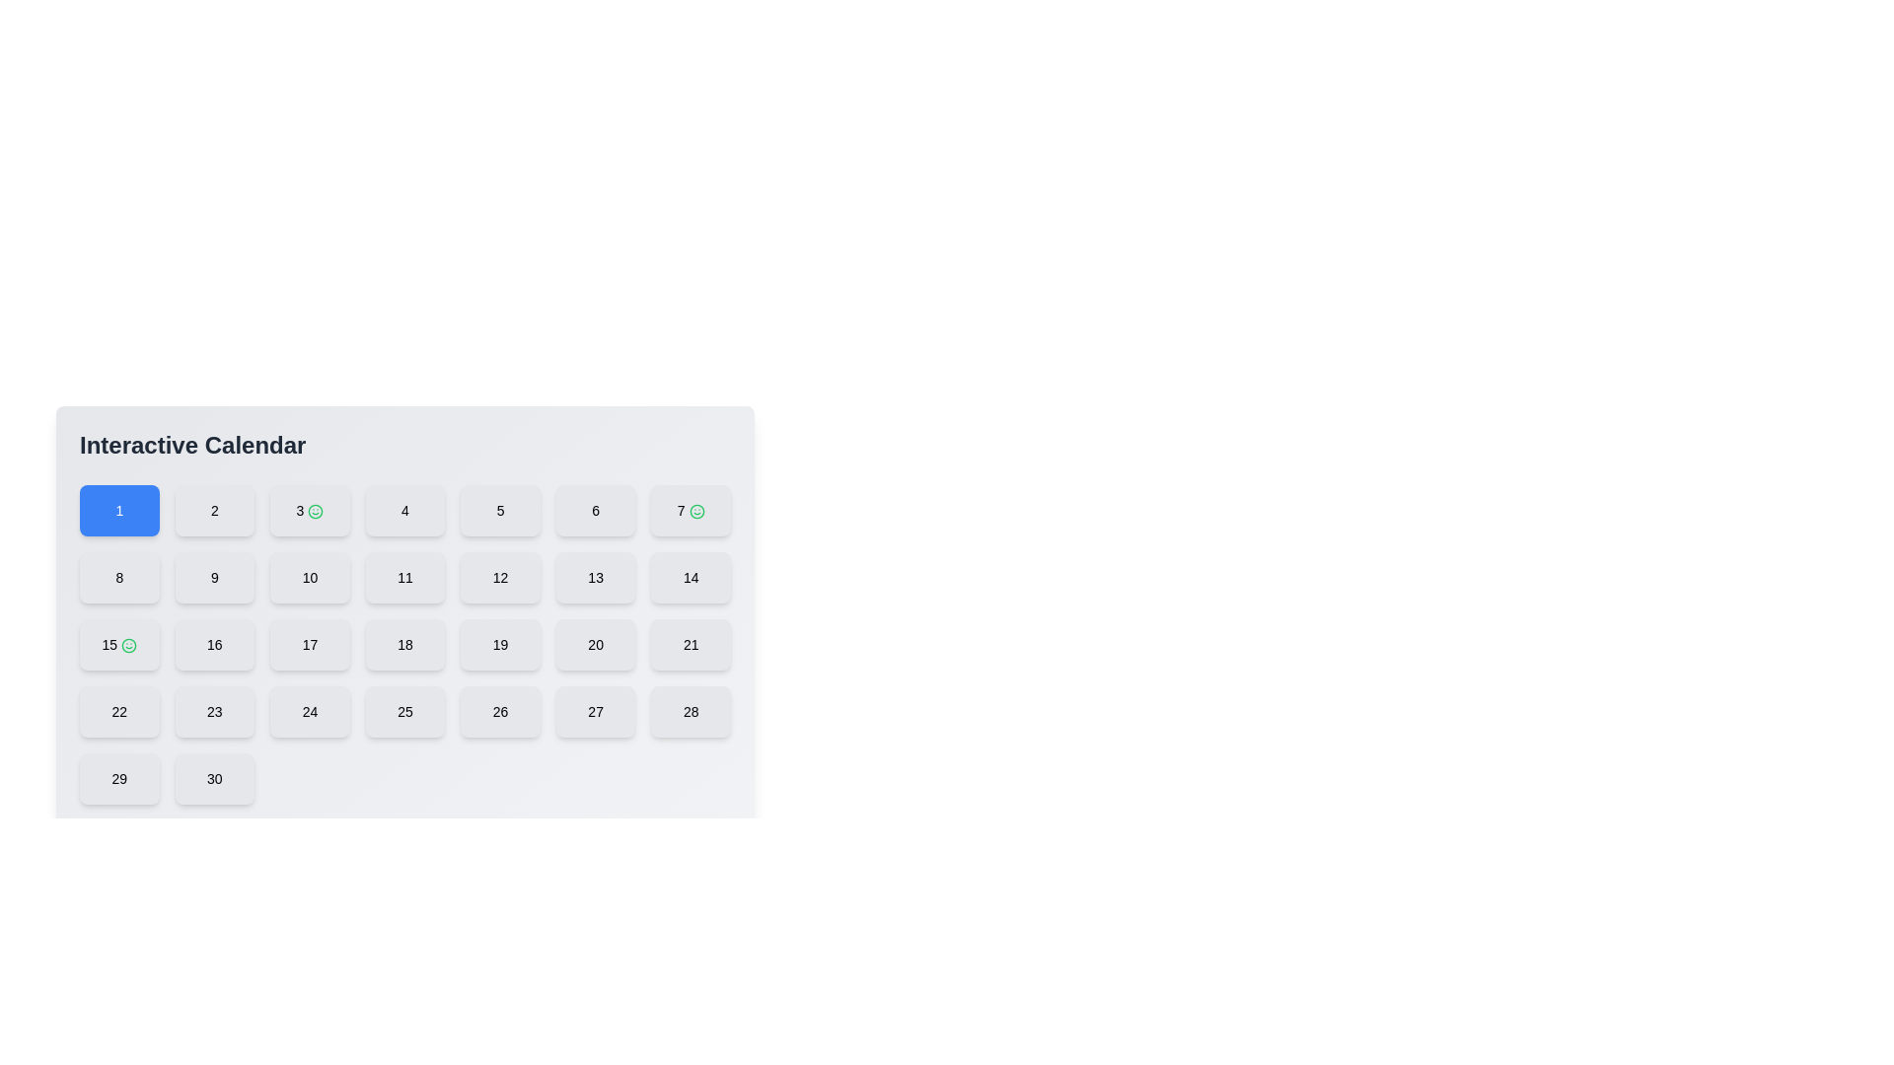 This screenshot has width=1894, height=1065. Describe the element at coordinates (128, 646) in the screenshot. I see `the circular smiling face icon with a green outline, located within the button labeled '15' in the calendar layout` at that location.